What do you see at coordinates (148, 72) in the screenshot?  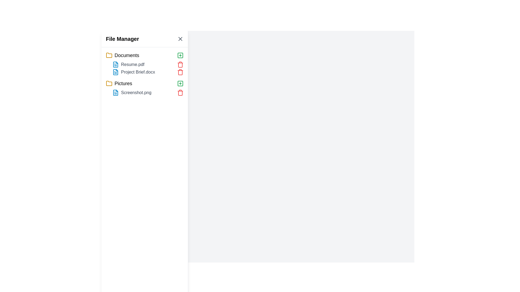 I see `the list item representing the document named 'Project Brief.docx'` at bounding box center [148, 72].